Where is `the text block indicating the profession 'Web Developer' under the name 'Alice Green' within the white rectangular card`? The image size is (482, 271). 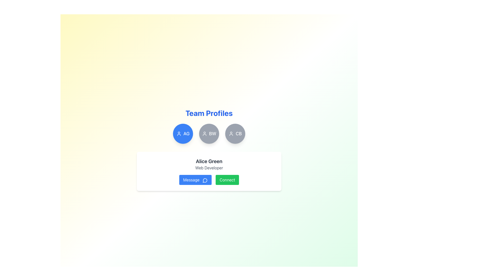 the text block indicating the profession 'Web Developer' under the name 'Alice Green' within the white rectangular card is located at coordinates (209, 168).